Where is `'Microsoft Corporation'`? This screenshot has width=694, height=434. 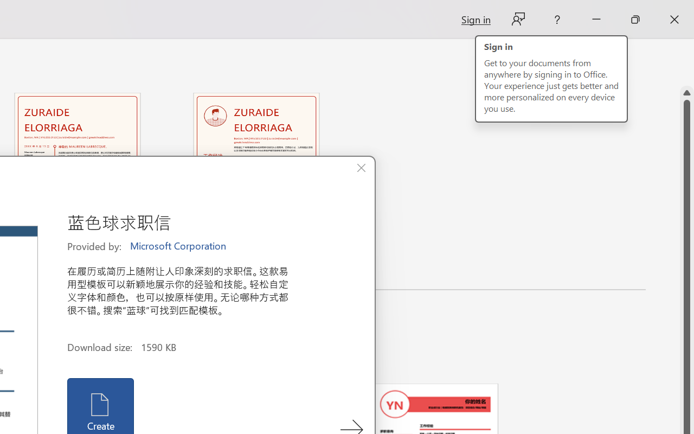 'Microsoft Corporation' is located at coordinates (179, 246).